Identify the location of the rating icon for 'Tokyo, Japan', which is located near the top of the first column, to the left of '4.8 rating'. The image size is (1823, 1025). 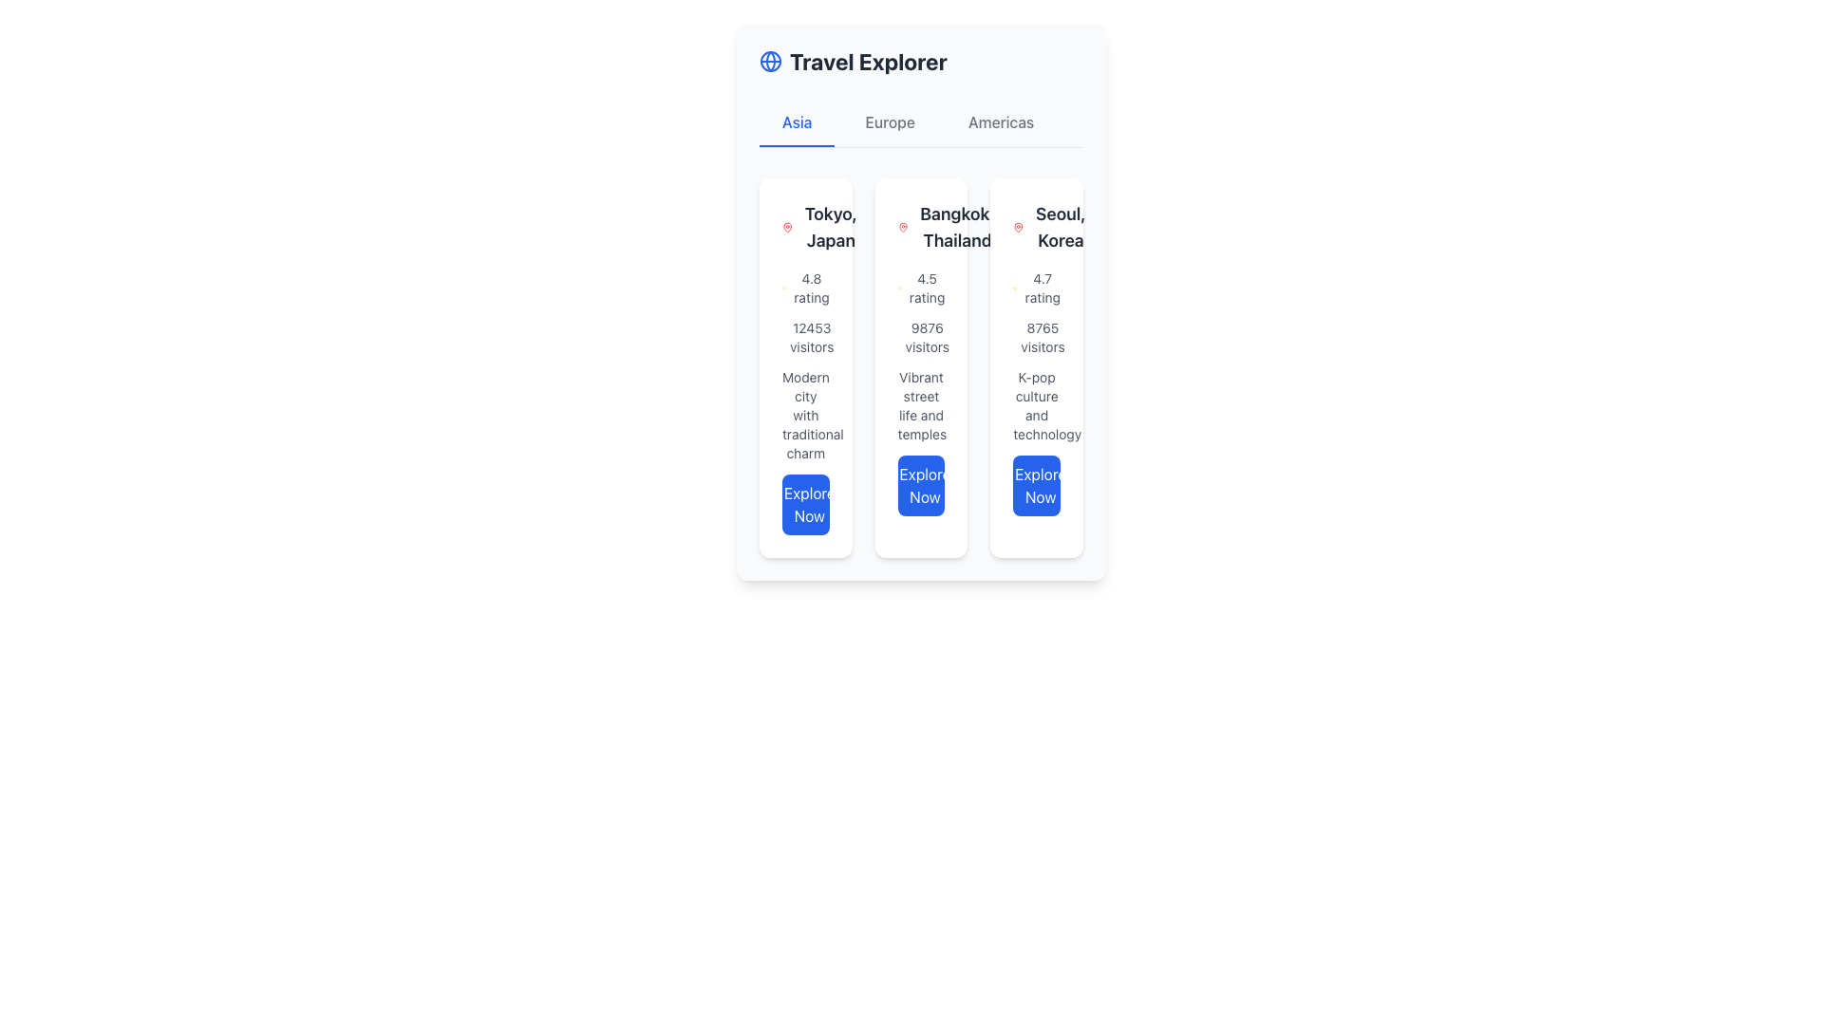
(784, 289).